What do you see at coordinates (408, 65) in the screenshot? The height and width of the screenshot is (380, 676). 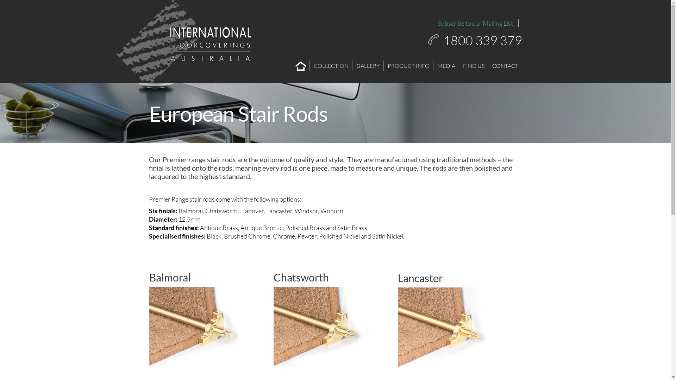 I see `'PRODUCT INFO'` at bounding box center [408, 65].